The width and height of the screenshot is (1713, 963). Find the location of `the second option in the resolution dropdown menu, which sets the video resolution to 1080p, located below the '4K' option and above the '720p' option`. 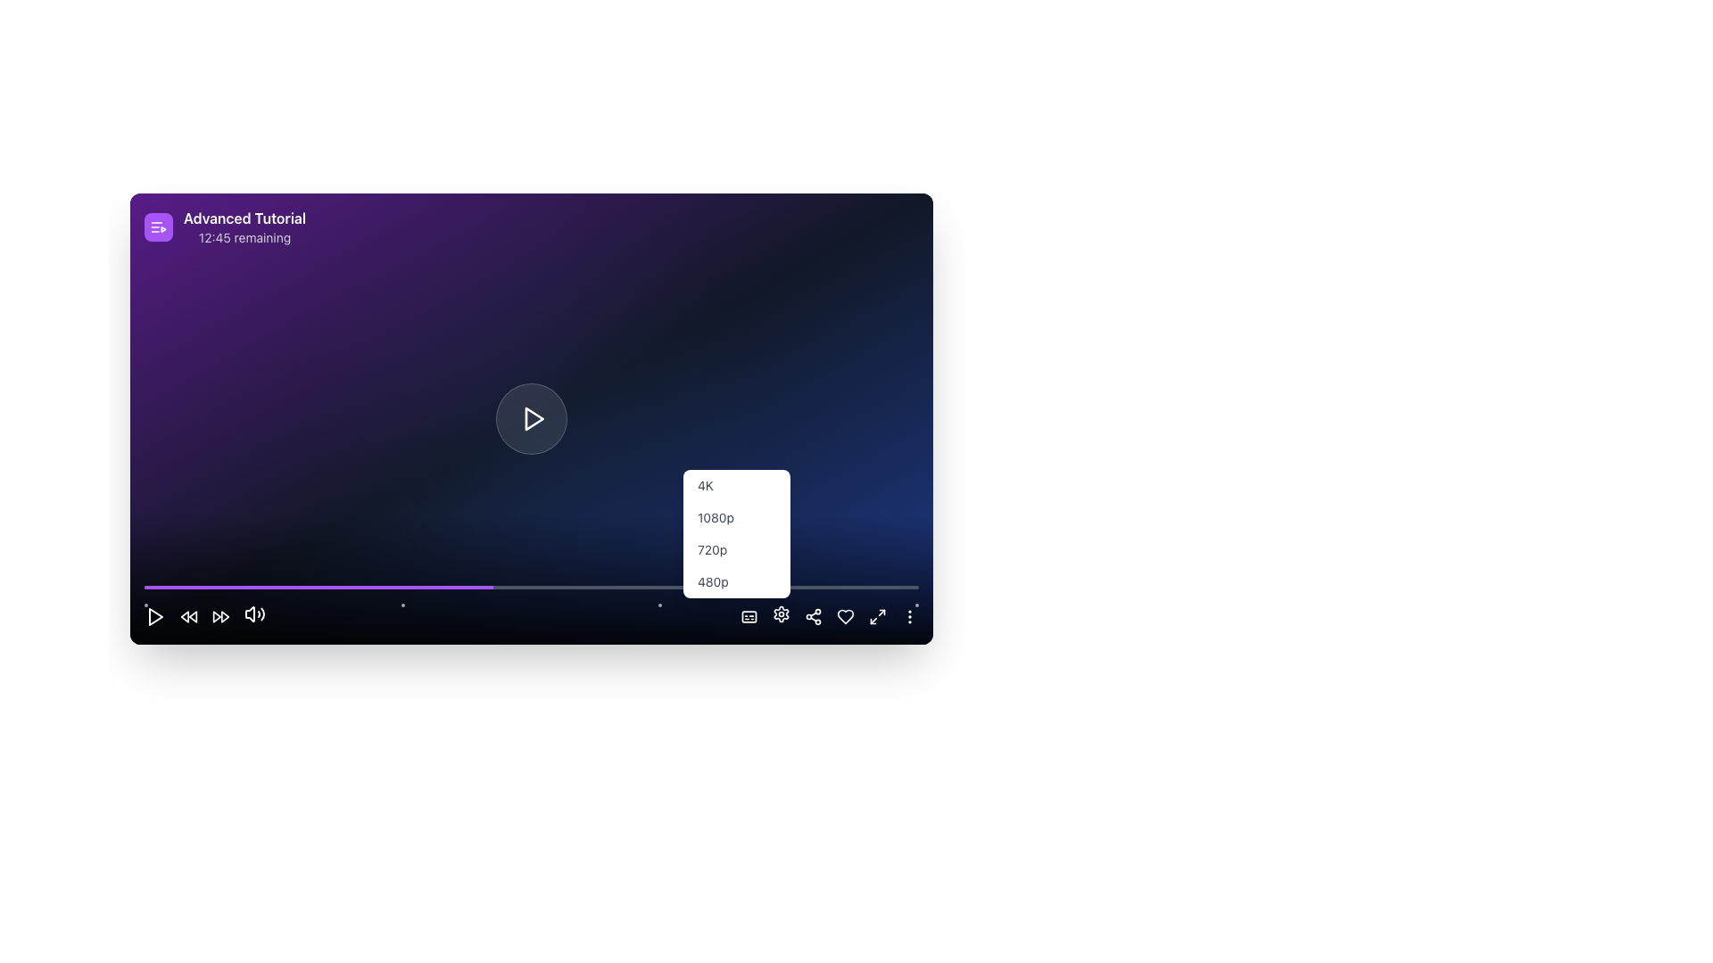

the second option in the resolution dropdown menu, which sets the video resolution to 1080p, located below the '4K' option and above the '720p' option is located at coordinates (736, 518).